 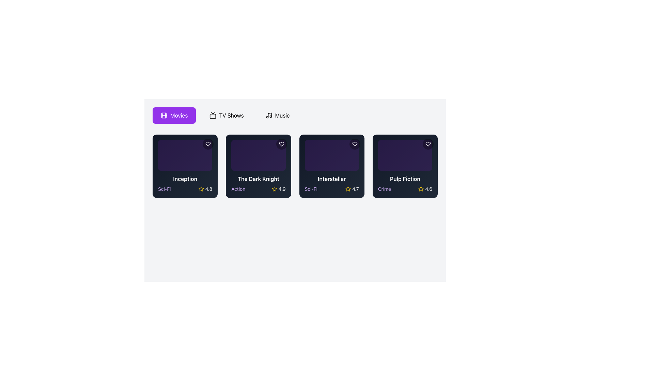 I want to click on the heart-shaped icon in the top-right corner of the movie card labeled 'The Dark Knight', so click(x=281, y=144).